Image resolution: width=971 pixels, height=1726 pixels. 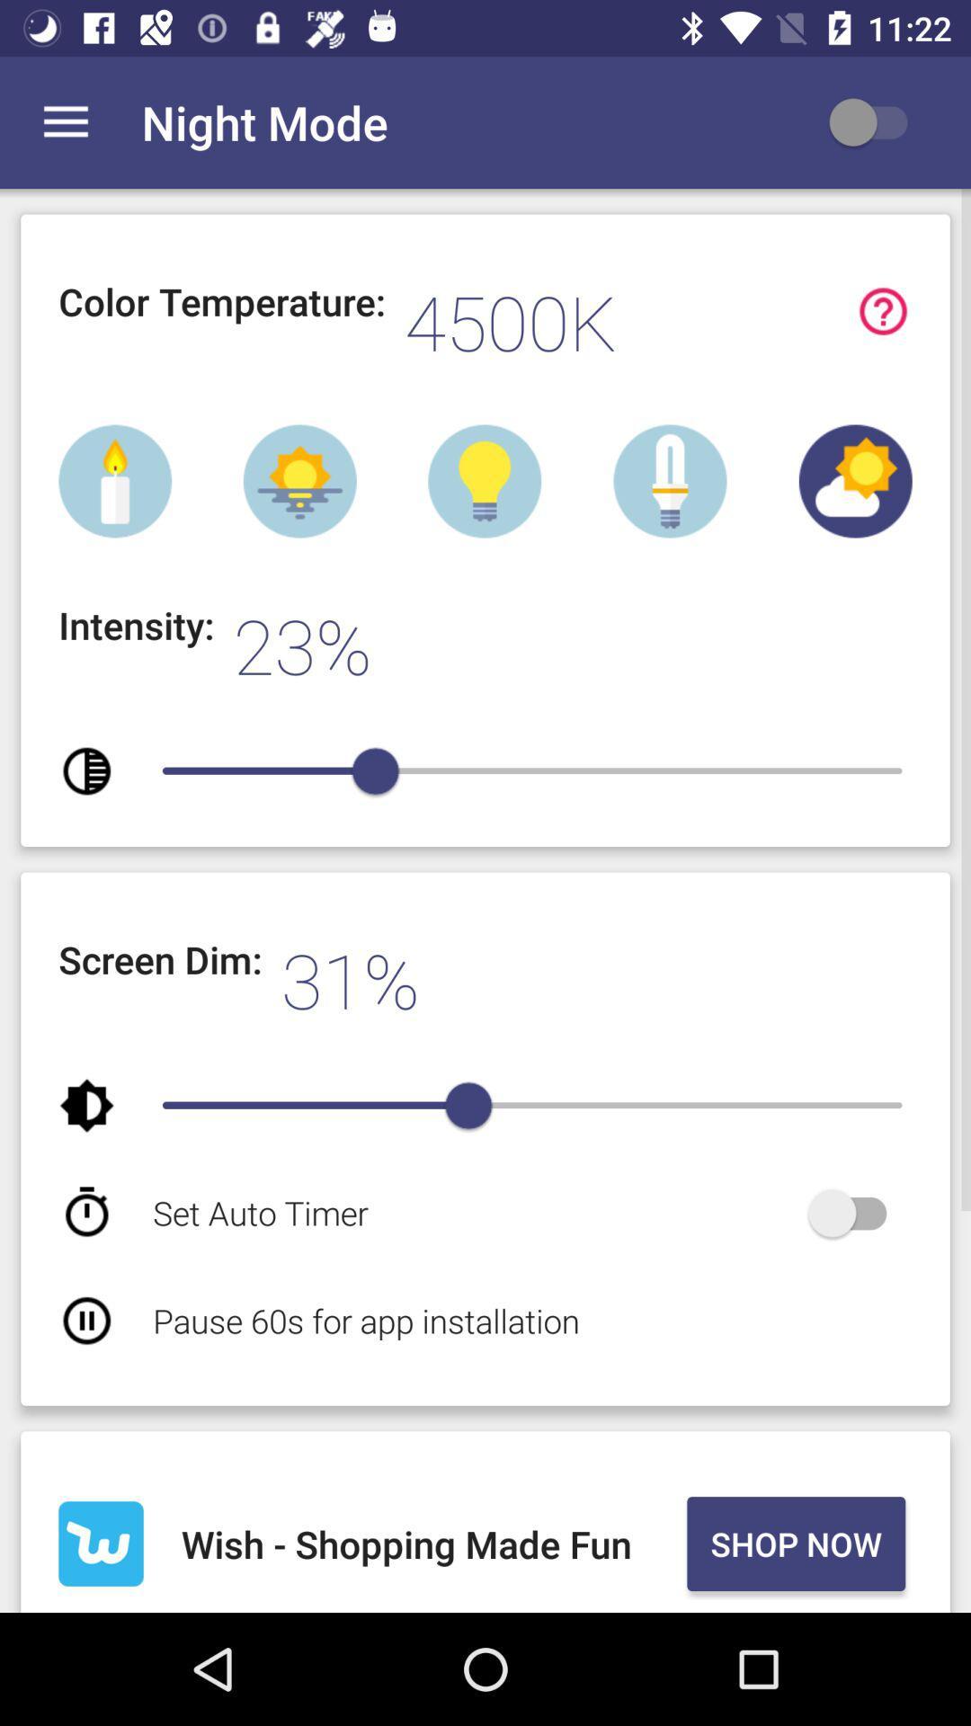 I want to click on switch autoplay option, so click(x=855, y=1213).